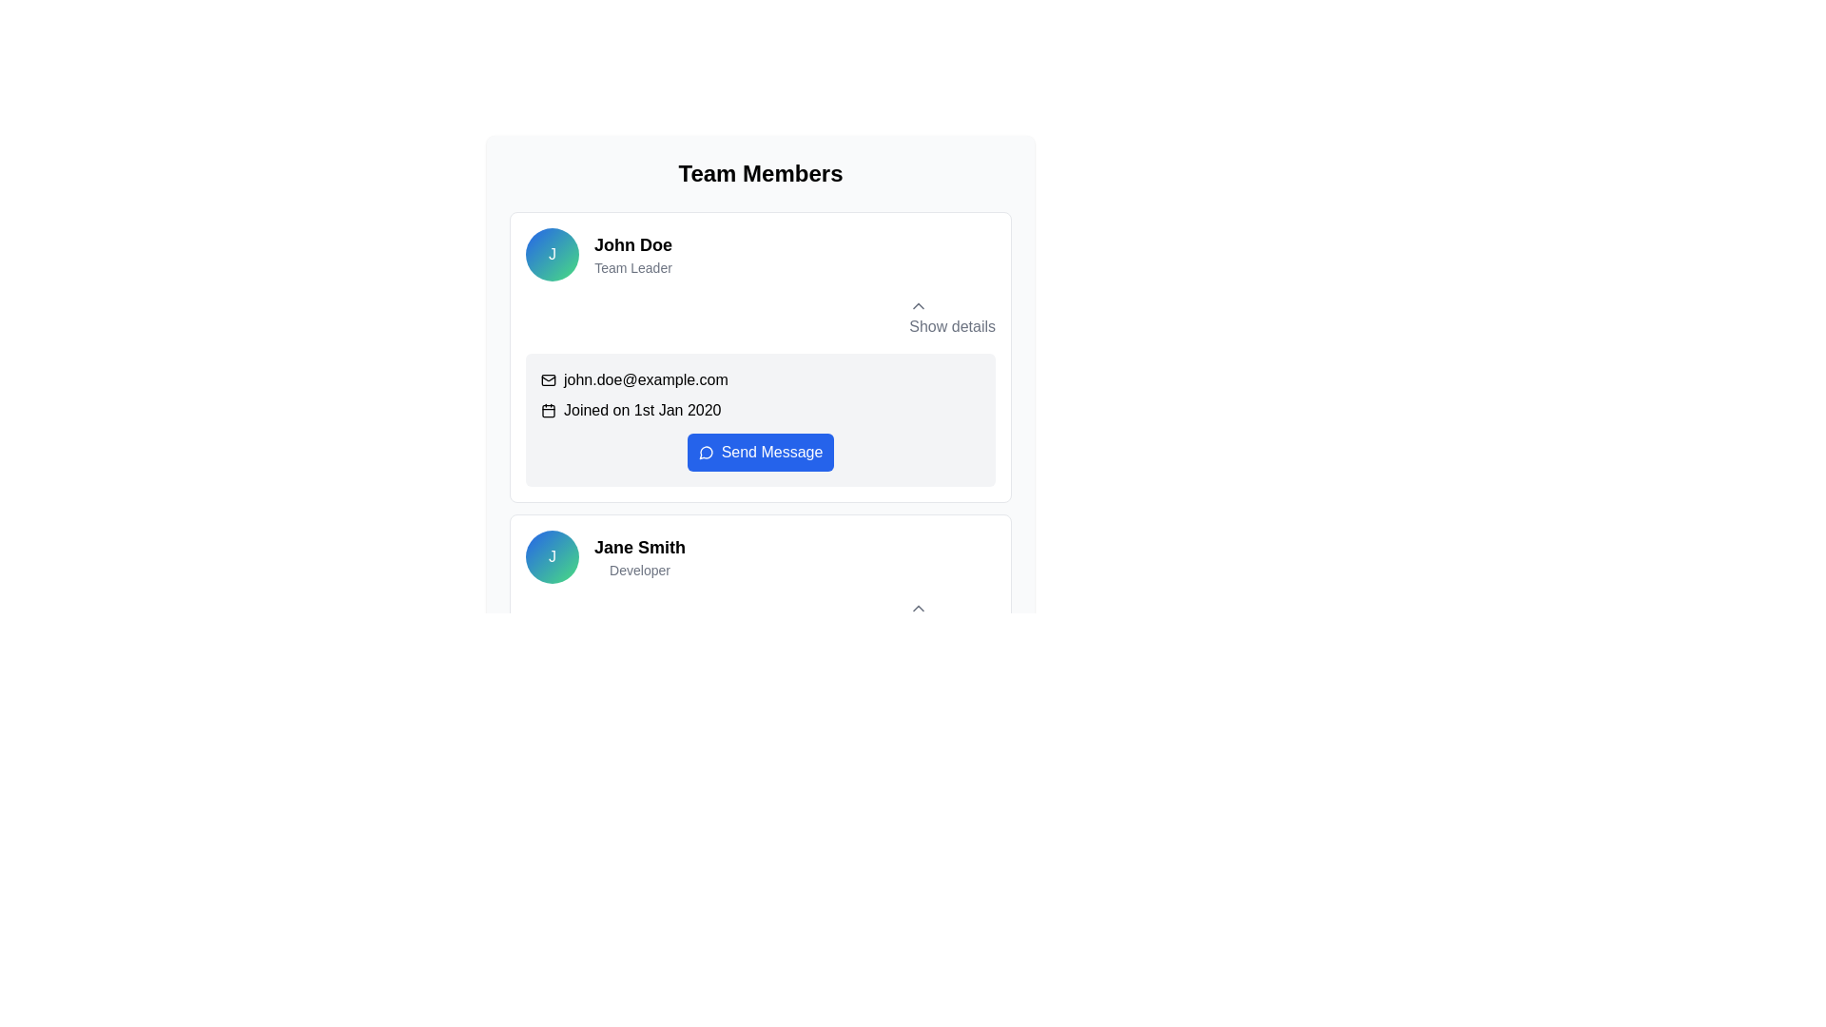 The height and width of the screenshot is (1027, 1826). I want to click on the Profile Summary Block for 'Jane Smith', which includes her avatar and professional title, located in the second card of the 'Team Members' section, so click(761, 556).